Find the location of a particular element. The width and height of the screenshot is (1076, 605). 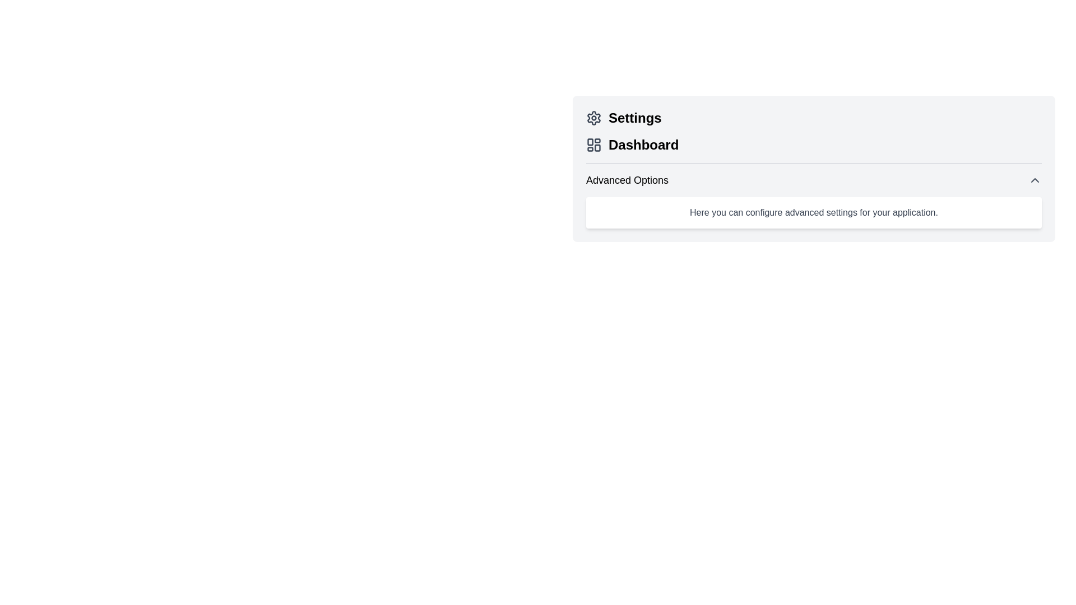

the top-left rectangle of the four-part grid icon, which visually represents the dashboard layout next to the 'Dashboard' section title is located at coordinates (590, 141).